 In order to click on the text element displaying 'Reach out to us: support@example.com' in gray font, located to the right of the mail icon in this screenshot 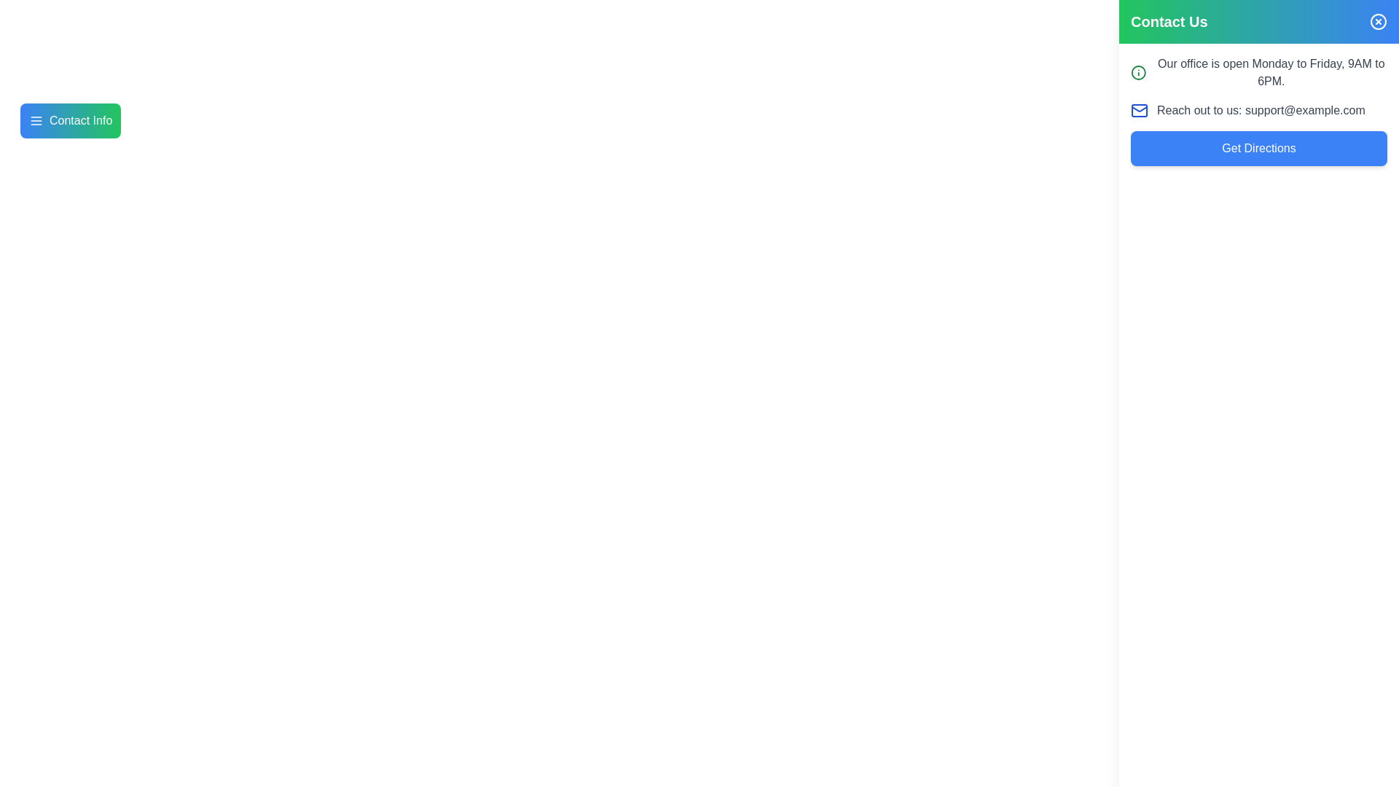, I will do `click(1260, 109)`.